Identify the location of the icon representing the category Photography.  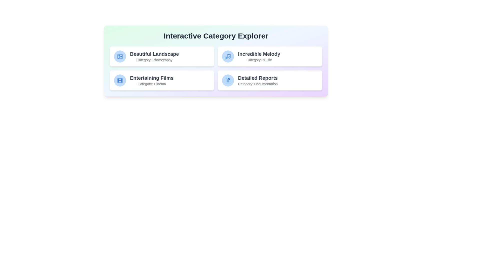
(120, 56).